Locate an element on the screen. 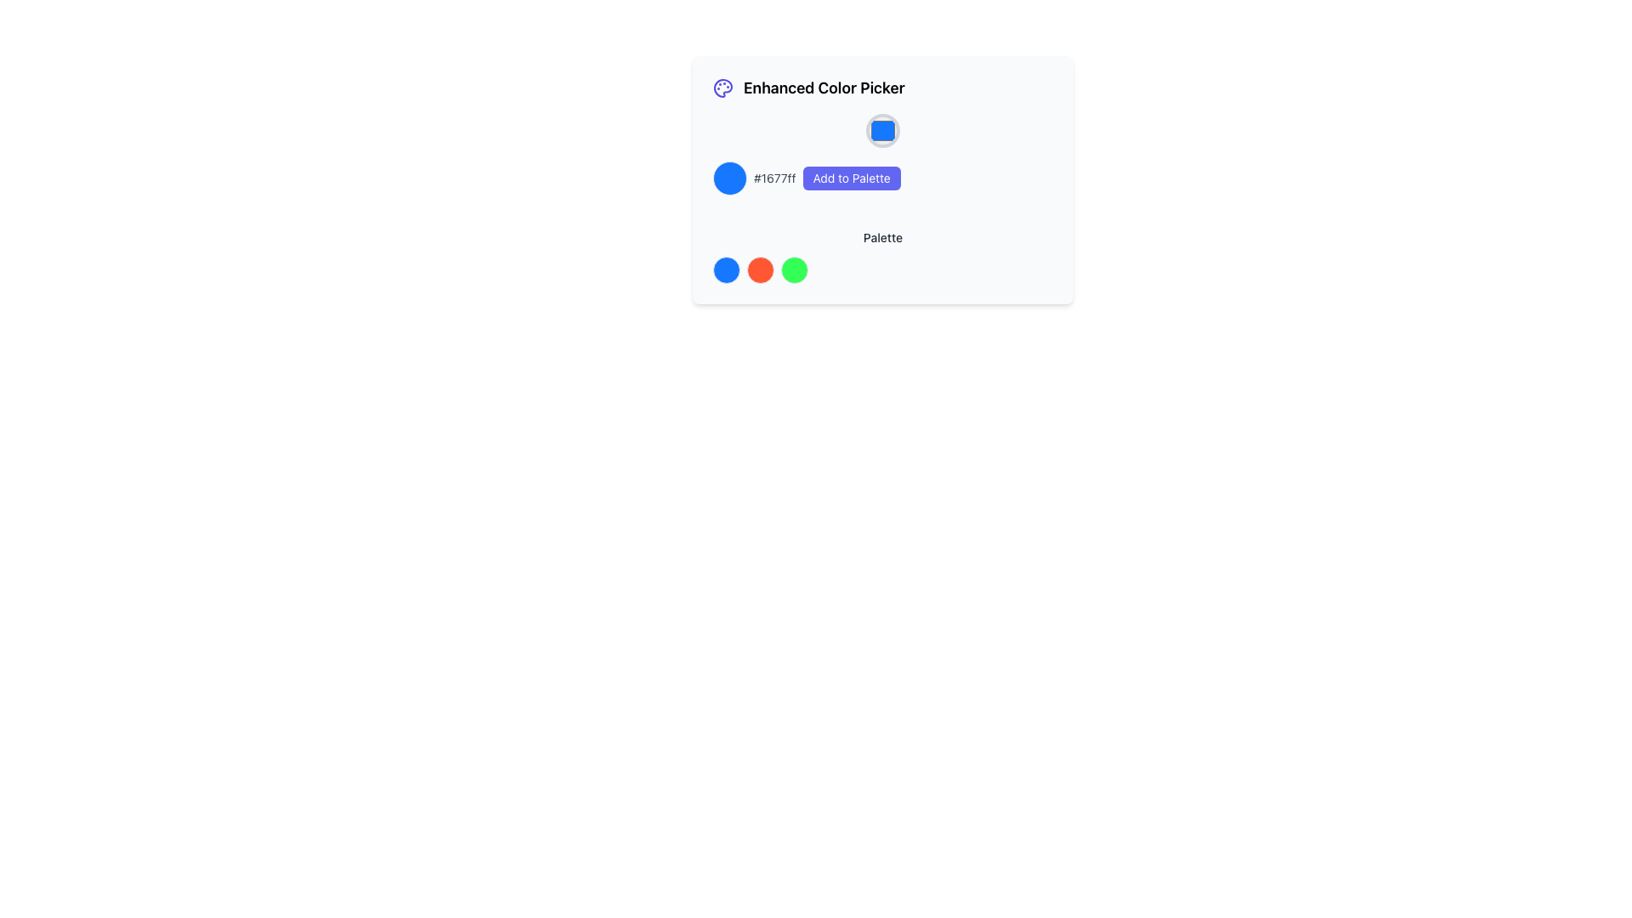 The width and height of the screenshot is (1632, 918). the color swatch display, which is a circular element representing a color sample is located at coordinates (730, 178).